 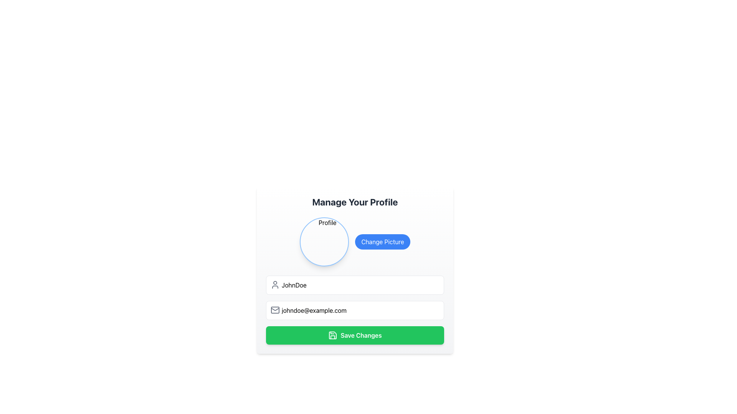 What do you see at coordinates (275, 310) in the screenshot?
I see `the gray mail icon, which is a minimalistic envelope design located at the left side of the email input field in the profile management form` at bounding box center [275, 310].